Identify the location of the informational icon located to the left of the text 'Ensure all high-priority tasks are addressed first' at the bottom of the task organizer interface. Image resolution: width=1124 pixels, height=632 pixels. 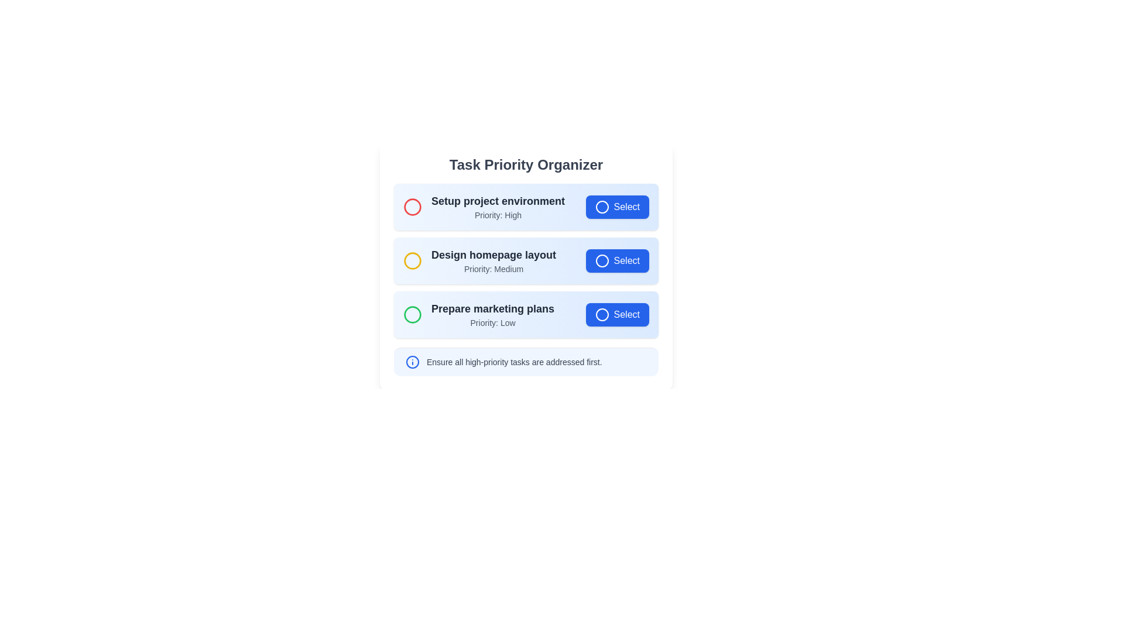
(413, 361).